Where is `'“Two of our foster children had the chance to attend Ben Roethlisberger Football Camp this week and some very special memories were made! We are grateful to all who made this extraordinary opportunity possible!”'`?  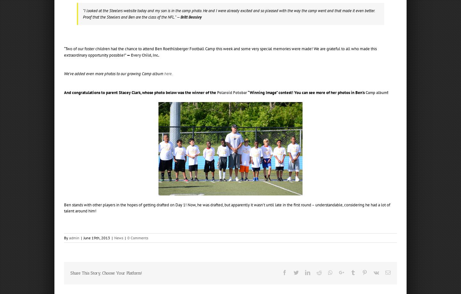
'“Two of our foster children had the chance to attend Ben Roethlisberger Football Camp this week and some very special memories were made! We are grateful to all who made this extraordinary opportunity possible!”' is located at coordinates (64, 52).